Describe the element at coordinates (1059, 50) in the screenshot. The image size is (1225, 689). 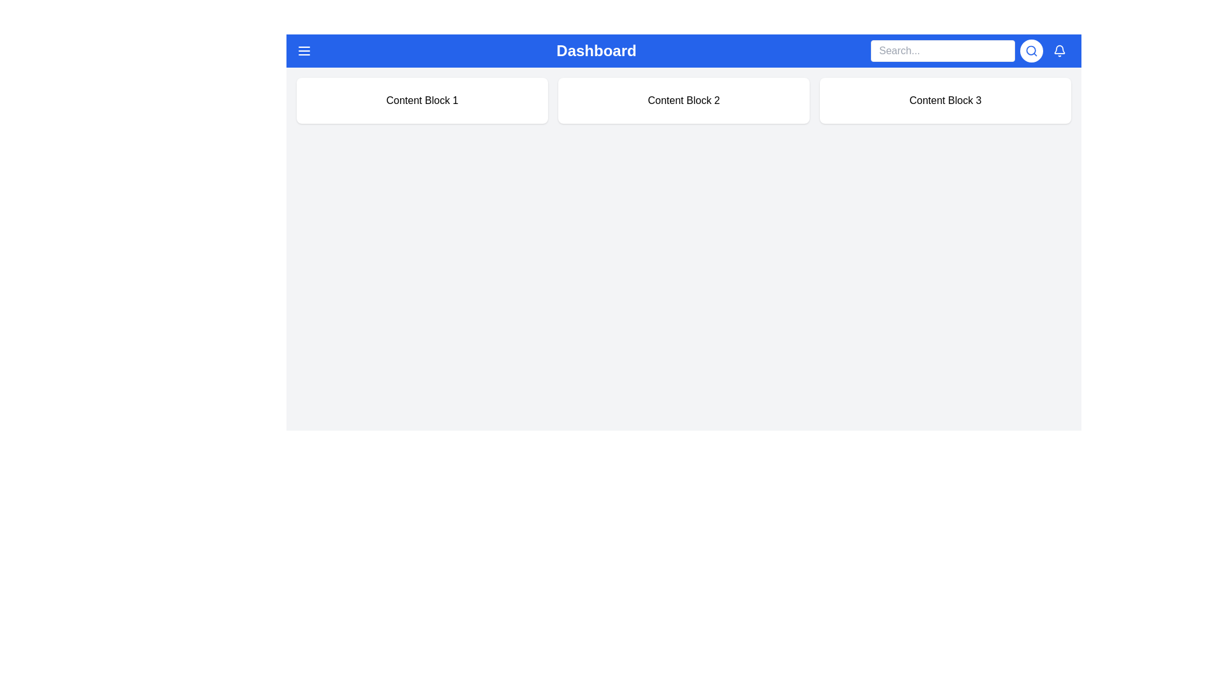
I see `the bell-shaped icon with a blue circular background located in the top-right corner of the interface` at that location.